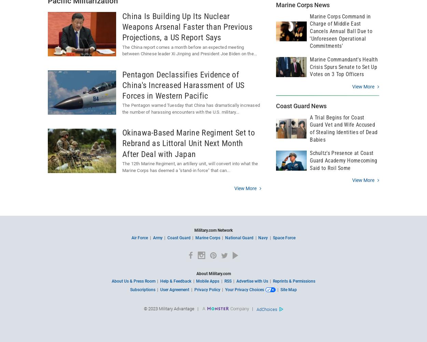 The height and width of the screenshot is (342, 427). I want to click on 'Schultz's Presence at Coast Guard Academy Homecoming Said to Roil Some', so click(343, 160).